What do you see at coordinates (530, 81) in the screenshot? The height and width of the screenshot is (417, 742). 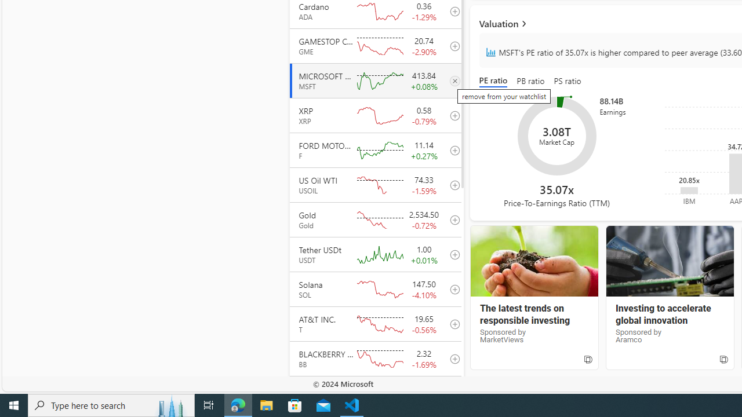 I see `'PB ratio'` at bounding box center [530, 81].